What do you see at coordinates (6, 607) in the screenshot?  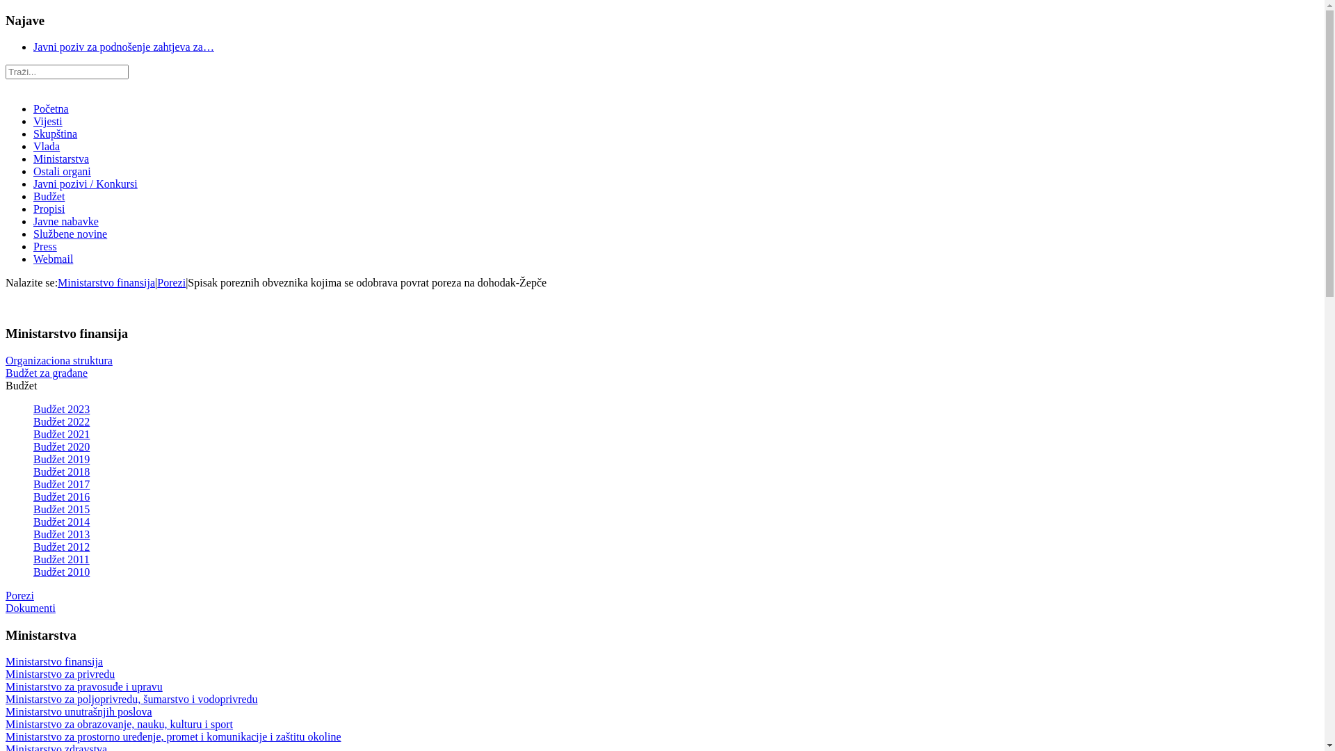 I see `'Dokumenti'` at bounding box center [6, 607].